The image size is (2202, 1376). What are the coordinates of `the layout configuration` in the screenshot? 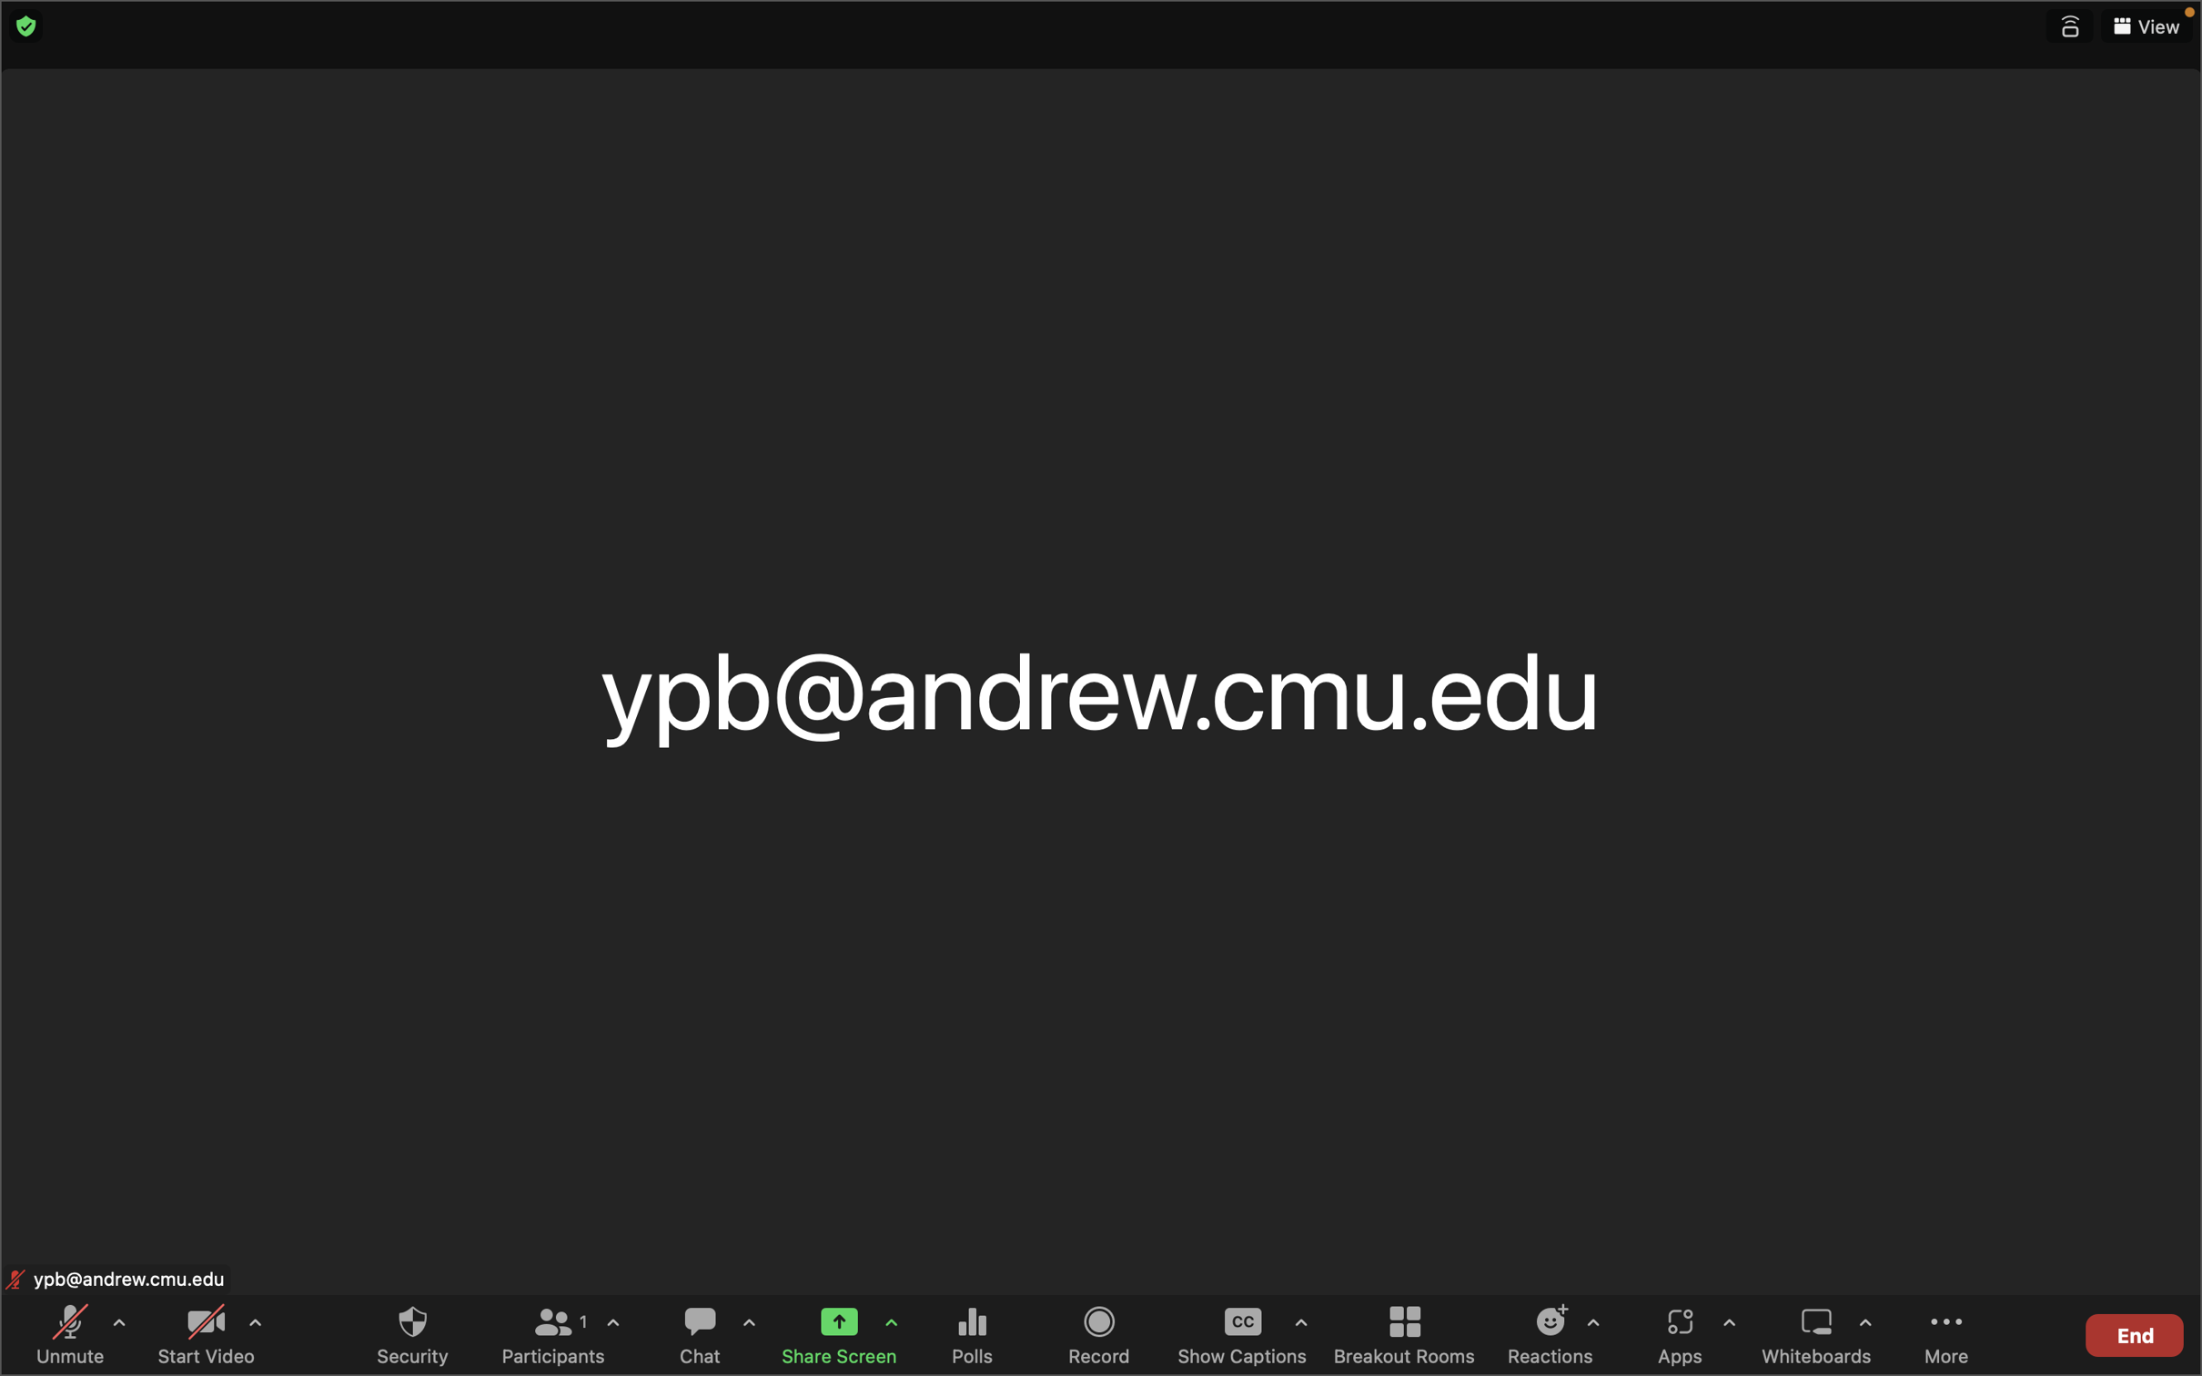 It's located at (2146, 26).